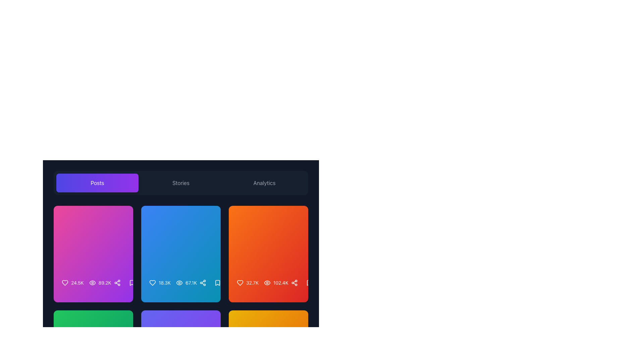 Image resolution: width=644 pixels, height=362 pixels. I want to click on the icon displaying the count of likes or interactions located at the lower section of the bright orange card to trigger the tooltip, so click(247, 283).